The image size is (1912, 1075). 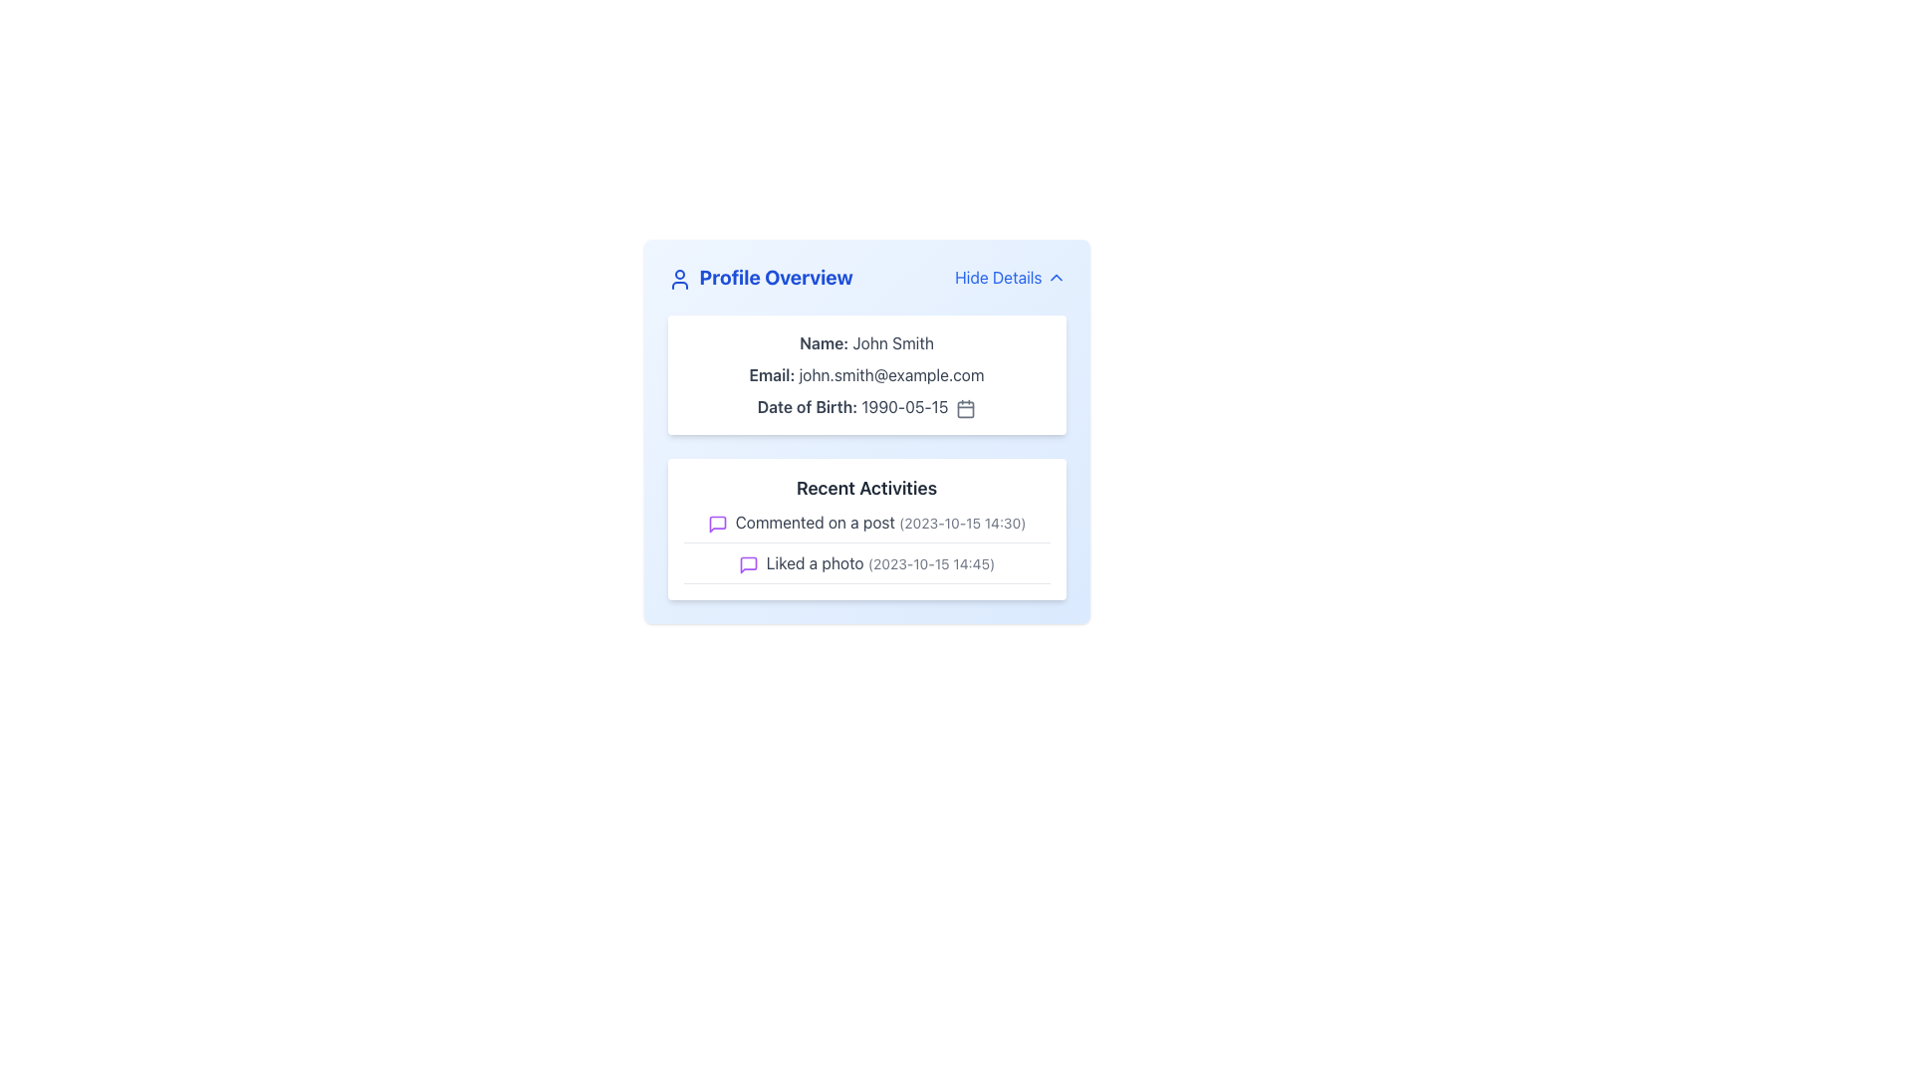 I want to click on the comment icon located in the 'Recent Activities' section of the 'Profile Overview' panel, which is associated with the activity 'Commented on a post (2023-10-15 14:30)', so click(x=717, y=523).